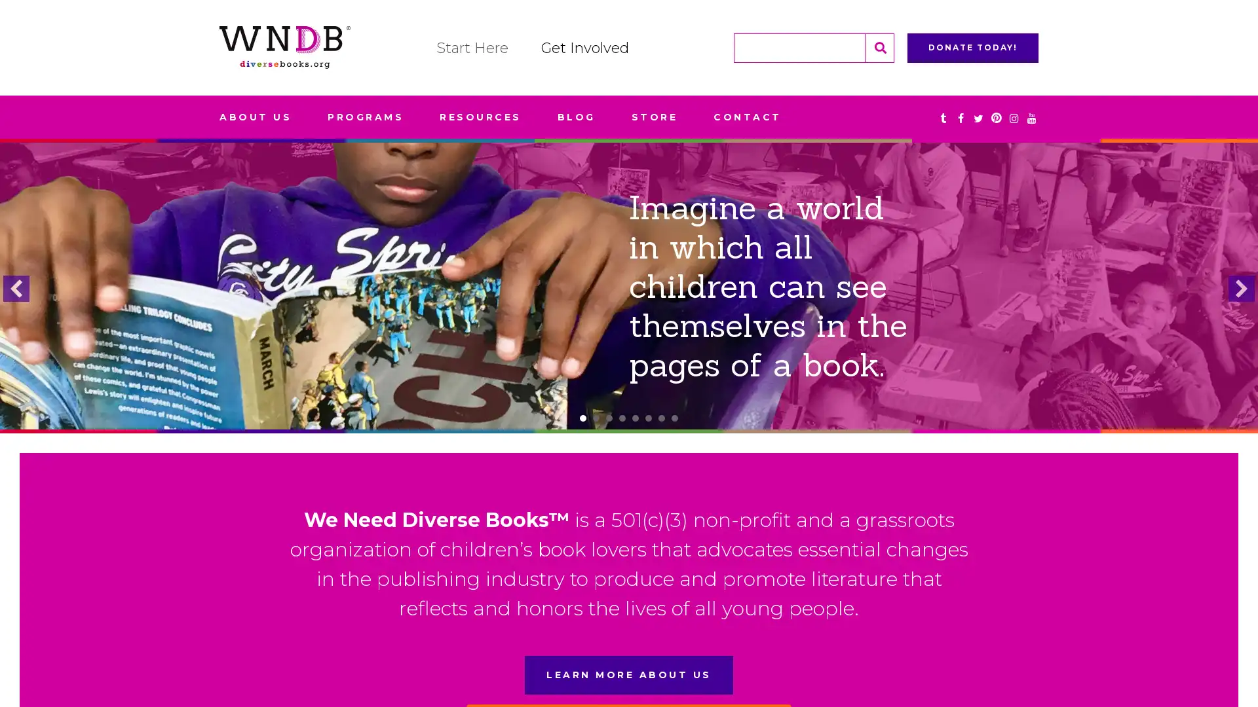 The image size is (1258, 707). I want to click on MORE ABOUT THE 2022 WALTER AWARDS, so click(628, 332).